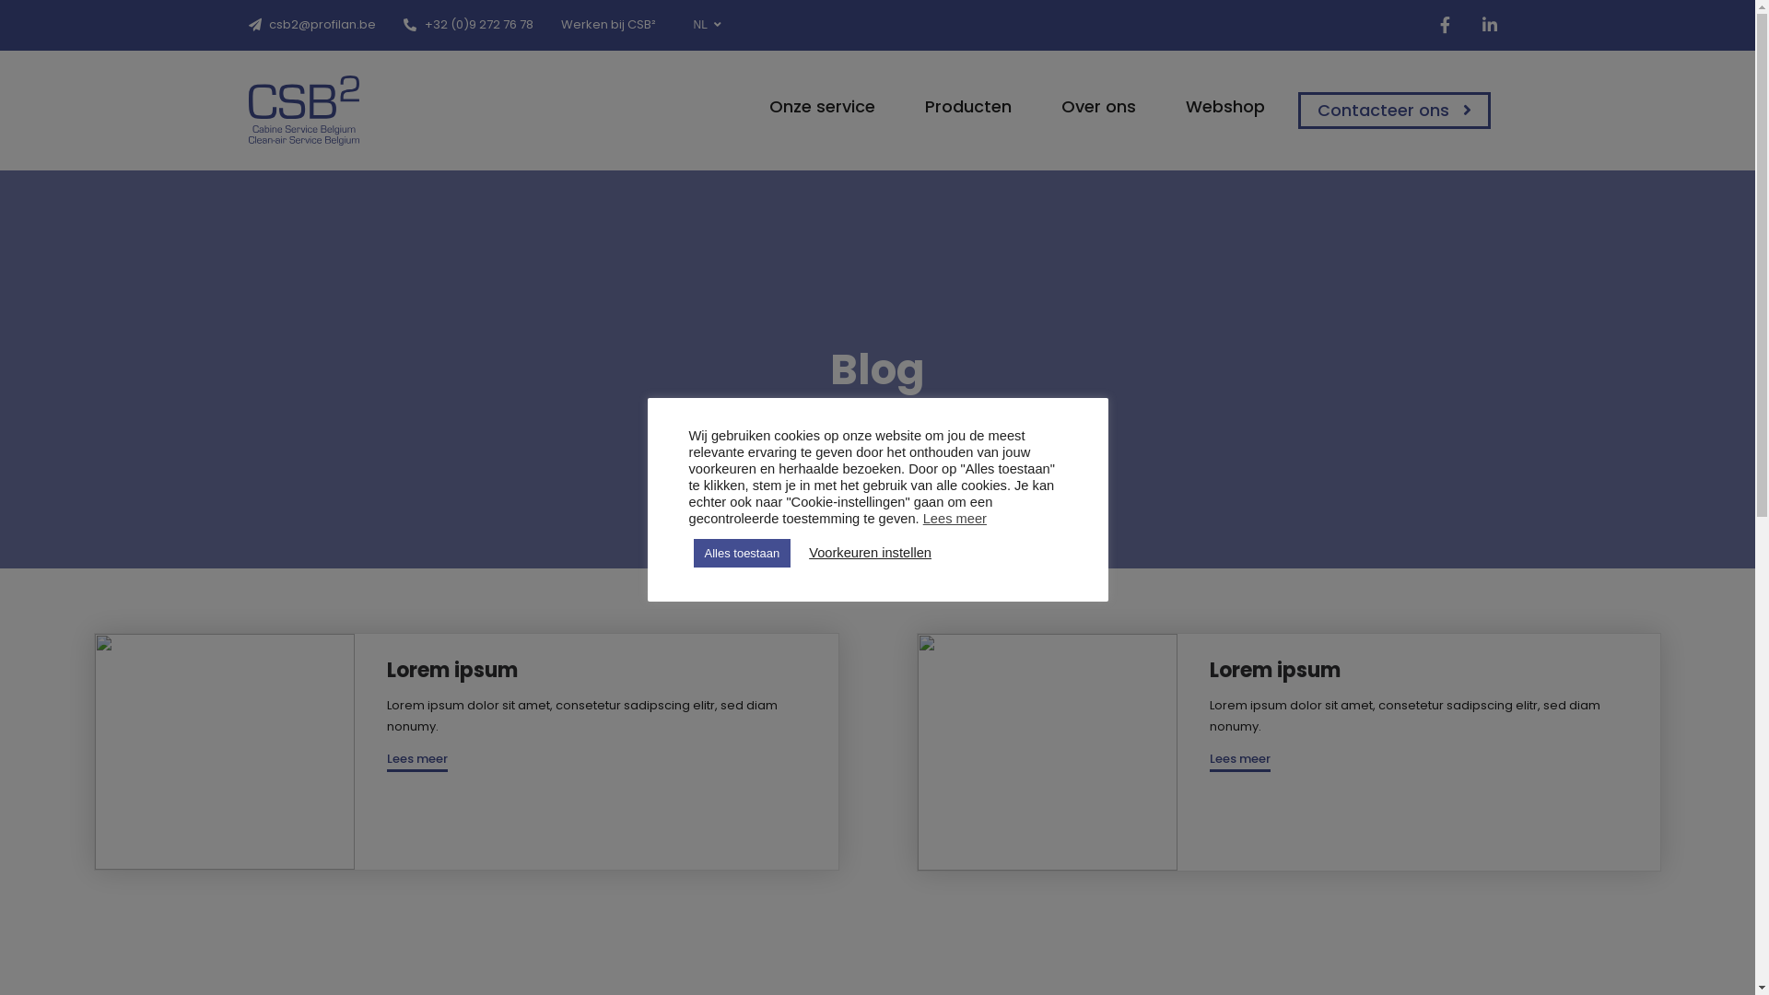 The image size is (1769, 995). Describe the element at coordinates (742, 551) in the screenshot. I see `'Alles toestaan'` at that location.